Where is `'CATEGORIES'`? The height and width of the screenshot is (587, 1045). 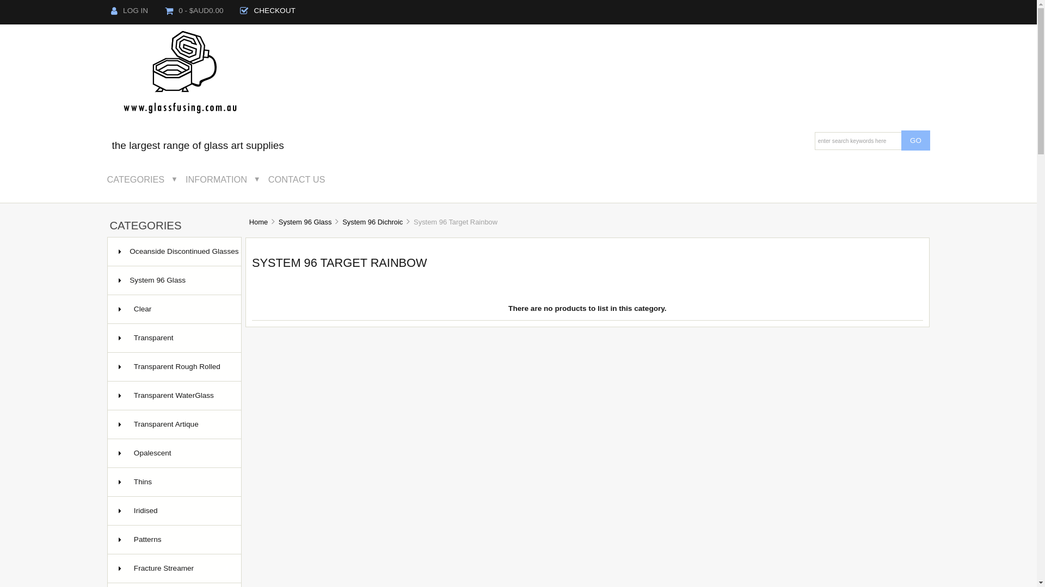
'CATEGORIES' is located at coordinates (103, 179).